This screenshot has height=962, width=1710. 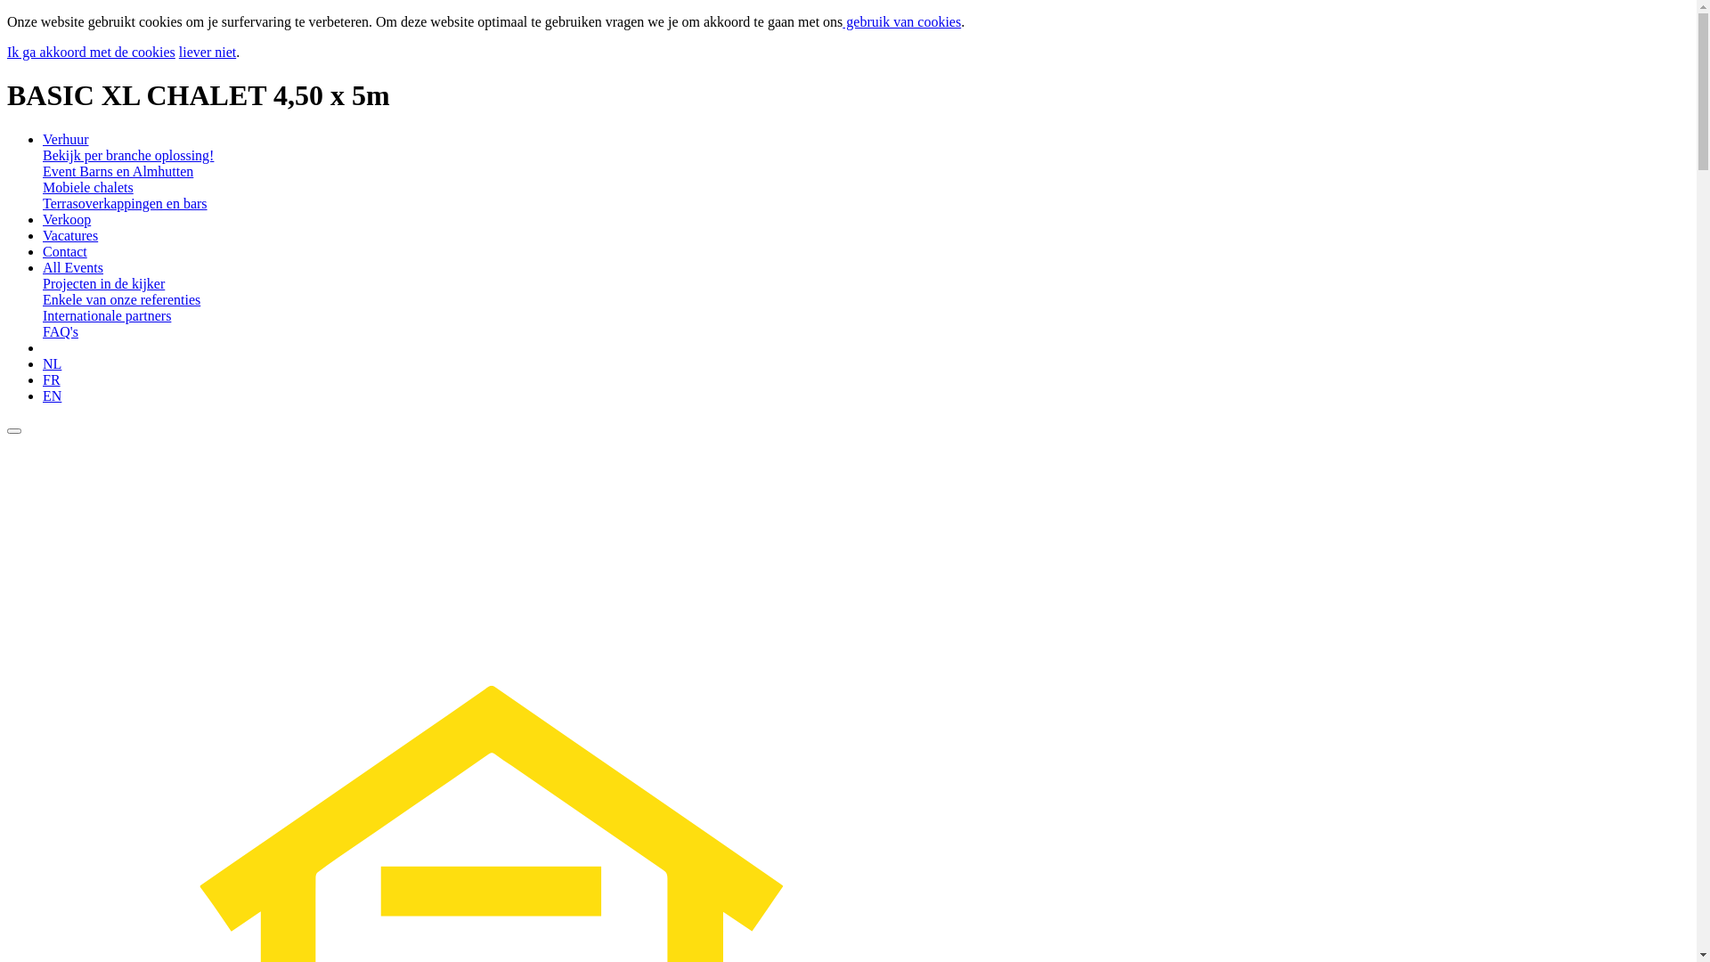 I want to click on 'Mobiele chalets', so click(x=43, y=187).